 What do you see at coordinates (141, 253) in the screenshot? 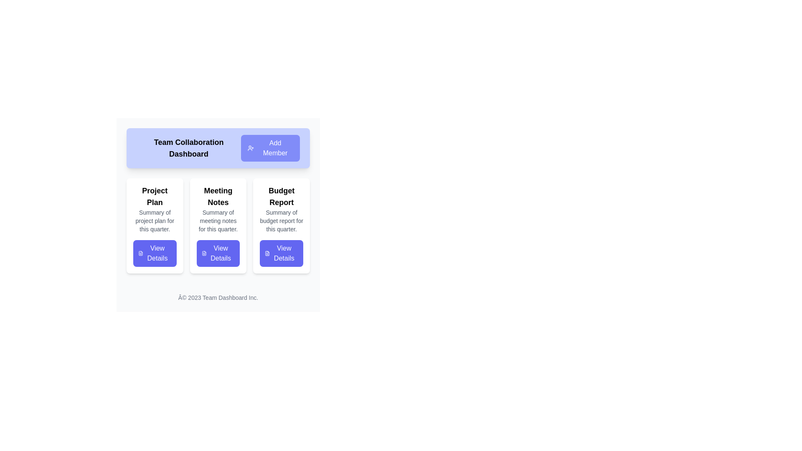
I see `the document-related icon located at the top-left corner of the 'View Details' button on the 'Project Plan' card` at bounding box center [141, 253].